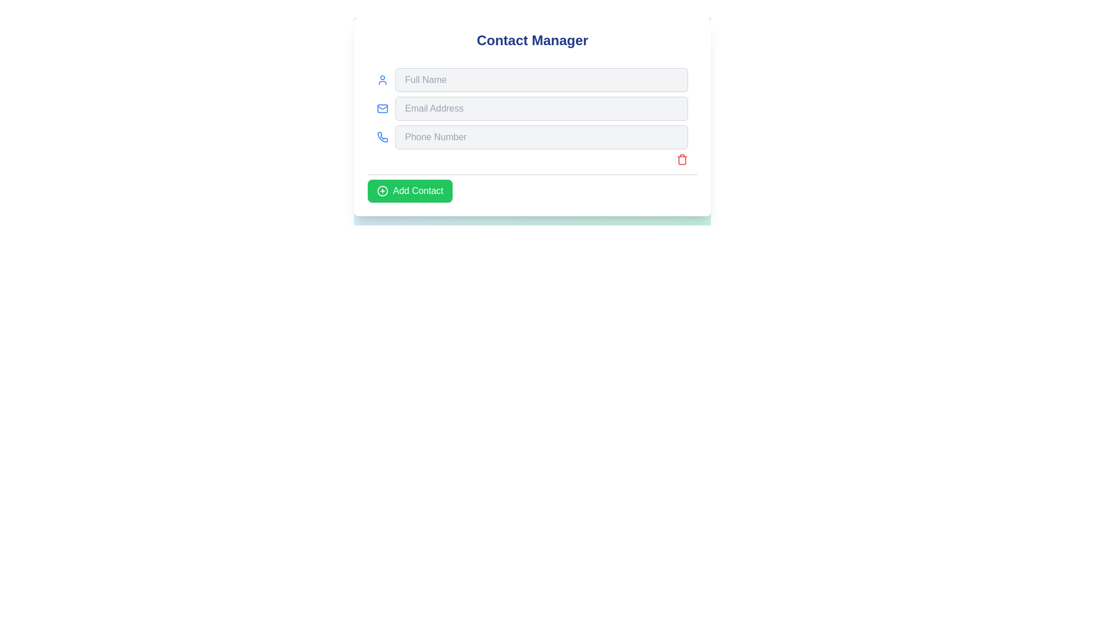  Describe the element at coordinates (417, 191) in the screenshot. I see `the text label 'Add Contact' which is located at the bottom center of the interface within a button component that features a green rectangular background` at that location.